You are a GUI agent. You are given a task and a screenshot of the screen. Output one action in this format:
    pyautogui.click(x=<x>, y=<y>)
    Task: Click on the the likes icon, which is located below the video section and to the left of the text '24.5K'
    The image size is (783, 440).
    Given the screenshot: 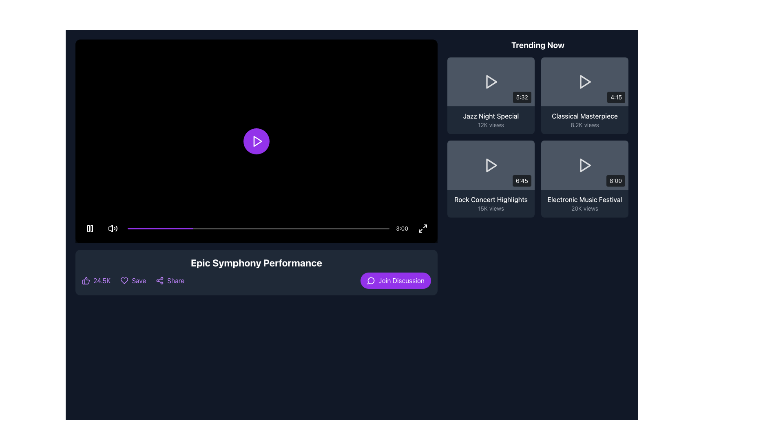 What is the action you would take?
    pyautogui.click(x=86, y=280)
    